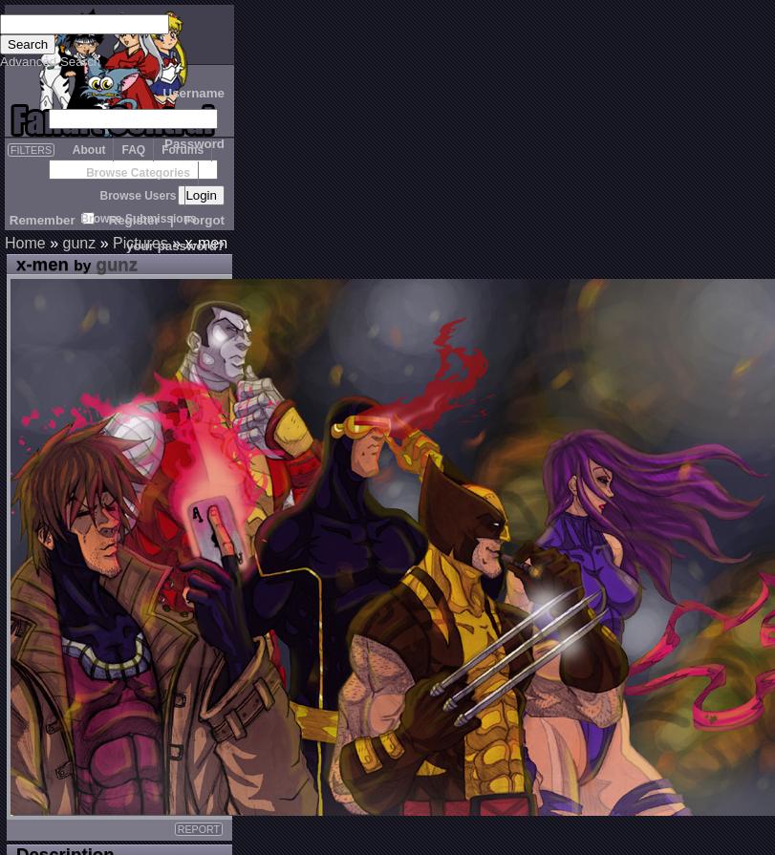  I want to click on 'Register', so click(133, 220).